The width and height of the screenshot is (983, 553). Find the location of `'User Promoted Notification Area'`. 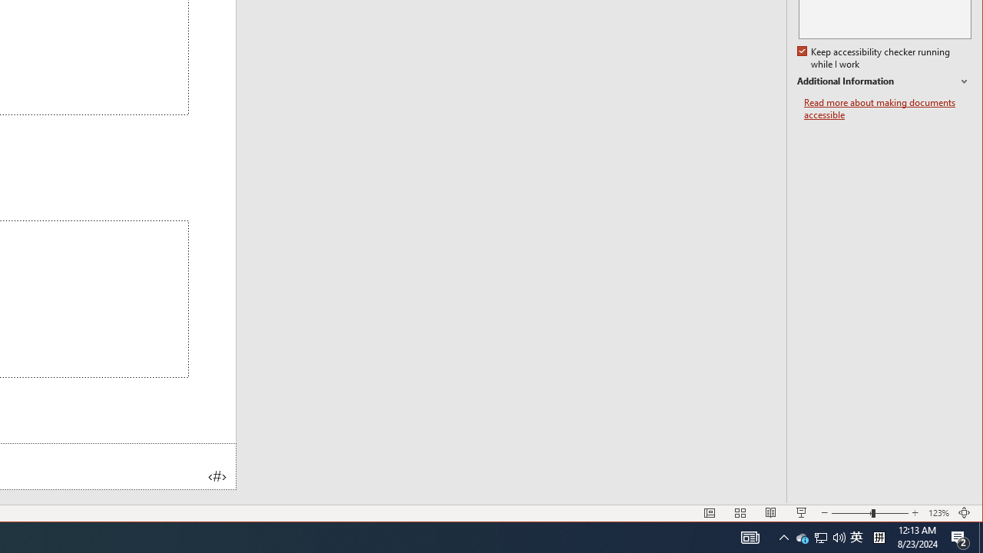

'User Promoted Notification Area' is located at coordinates (783, 536).